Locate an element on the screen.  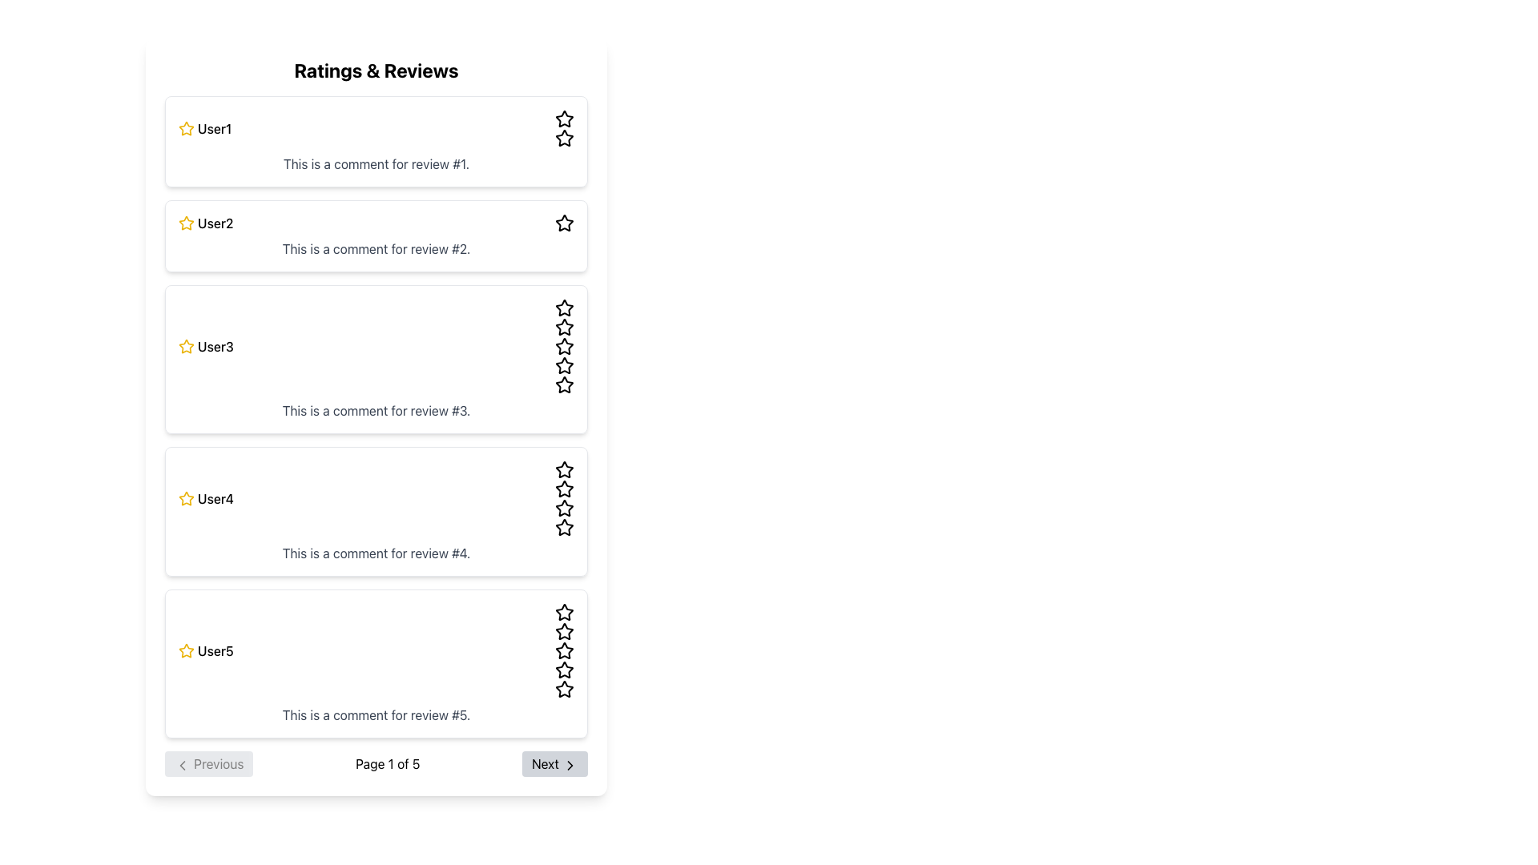
the third star in the rating component for the fourth review item ('User4') is located at coordinates (565, 488).